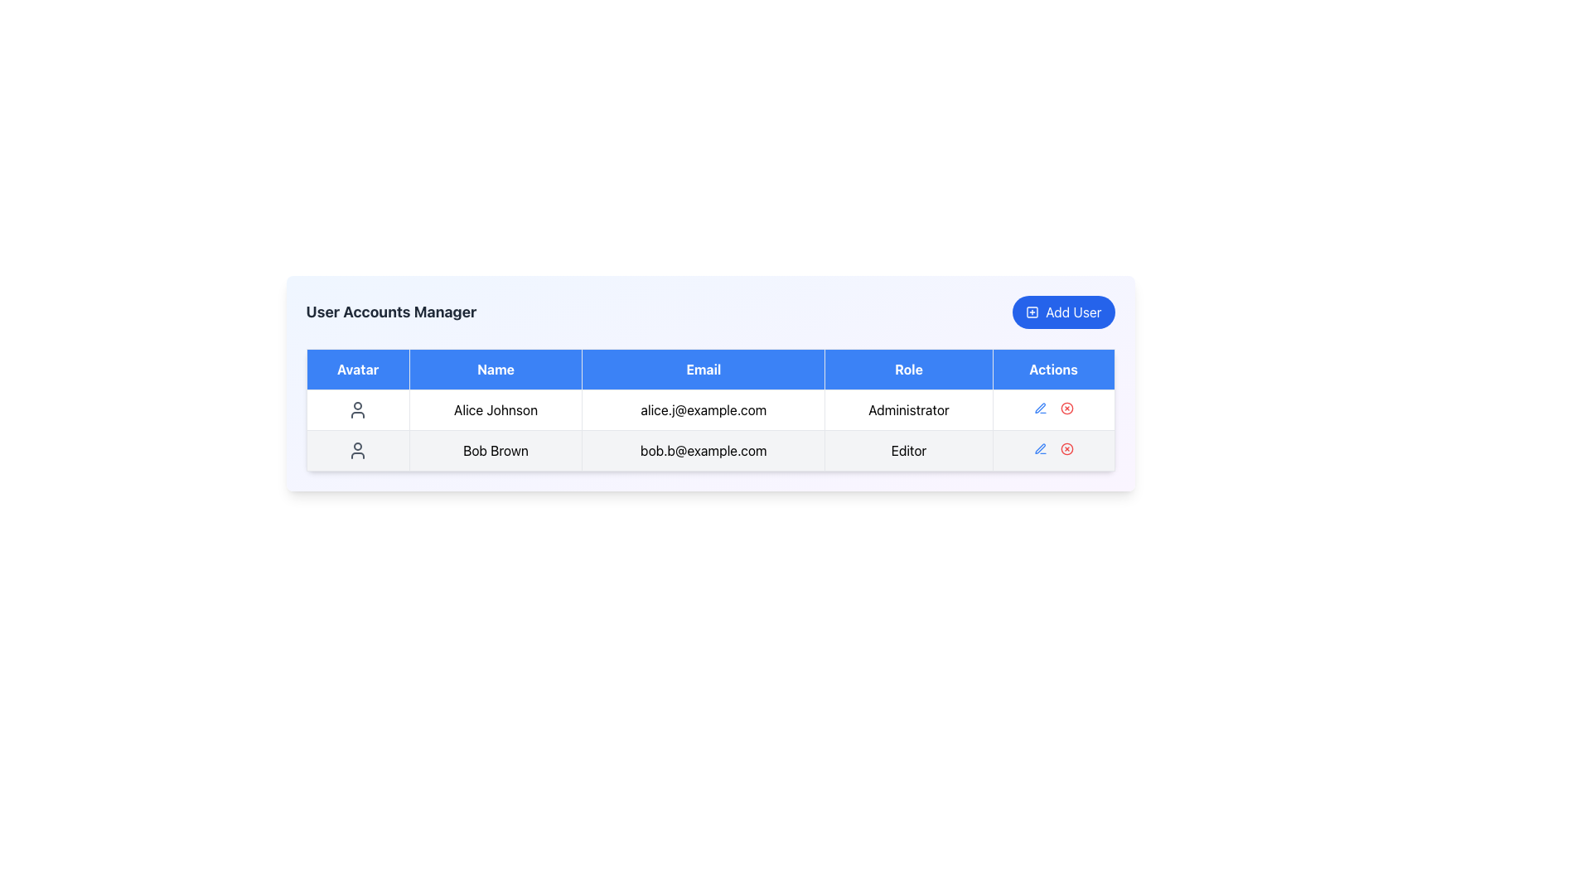 The image size is (1591, 895). I want to click on the blue button with a white '+' icon and 'Add User' text located in the top-right corner of the 'User Accounts Manager' section for accessibility interaction, so click(1063, 312).